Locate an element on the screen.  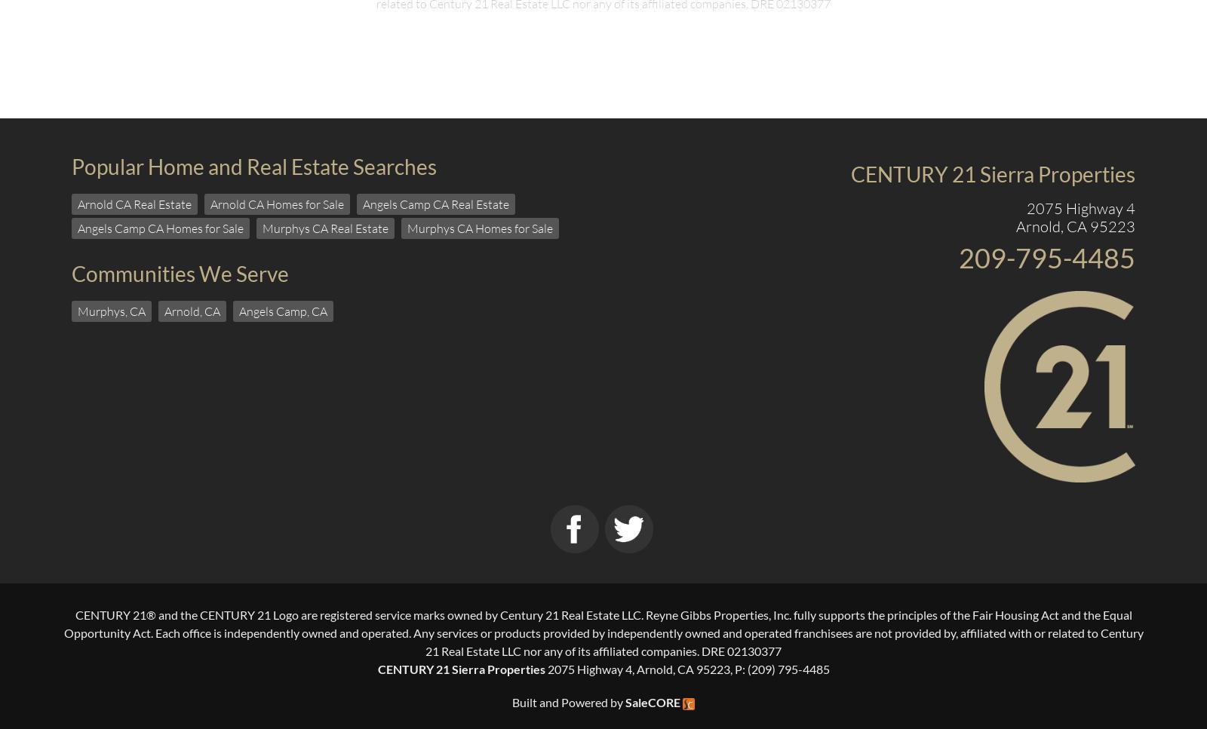
'Angels Camp CA Homes for Sale' is located at coordinates (160, 227).